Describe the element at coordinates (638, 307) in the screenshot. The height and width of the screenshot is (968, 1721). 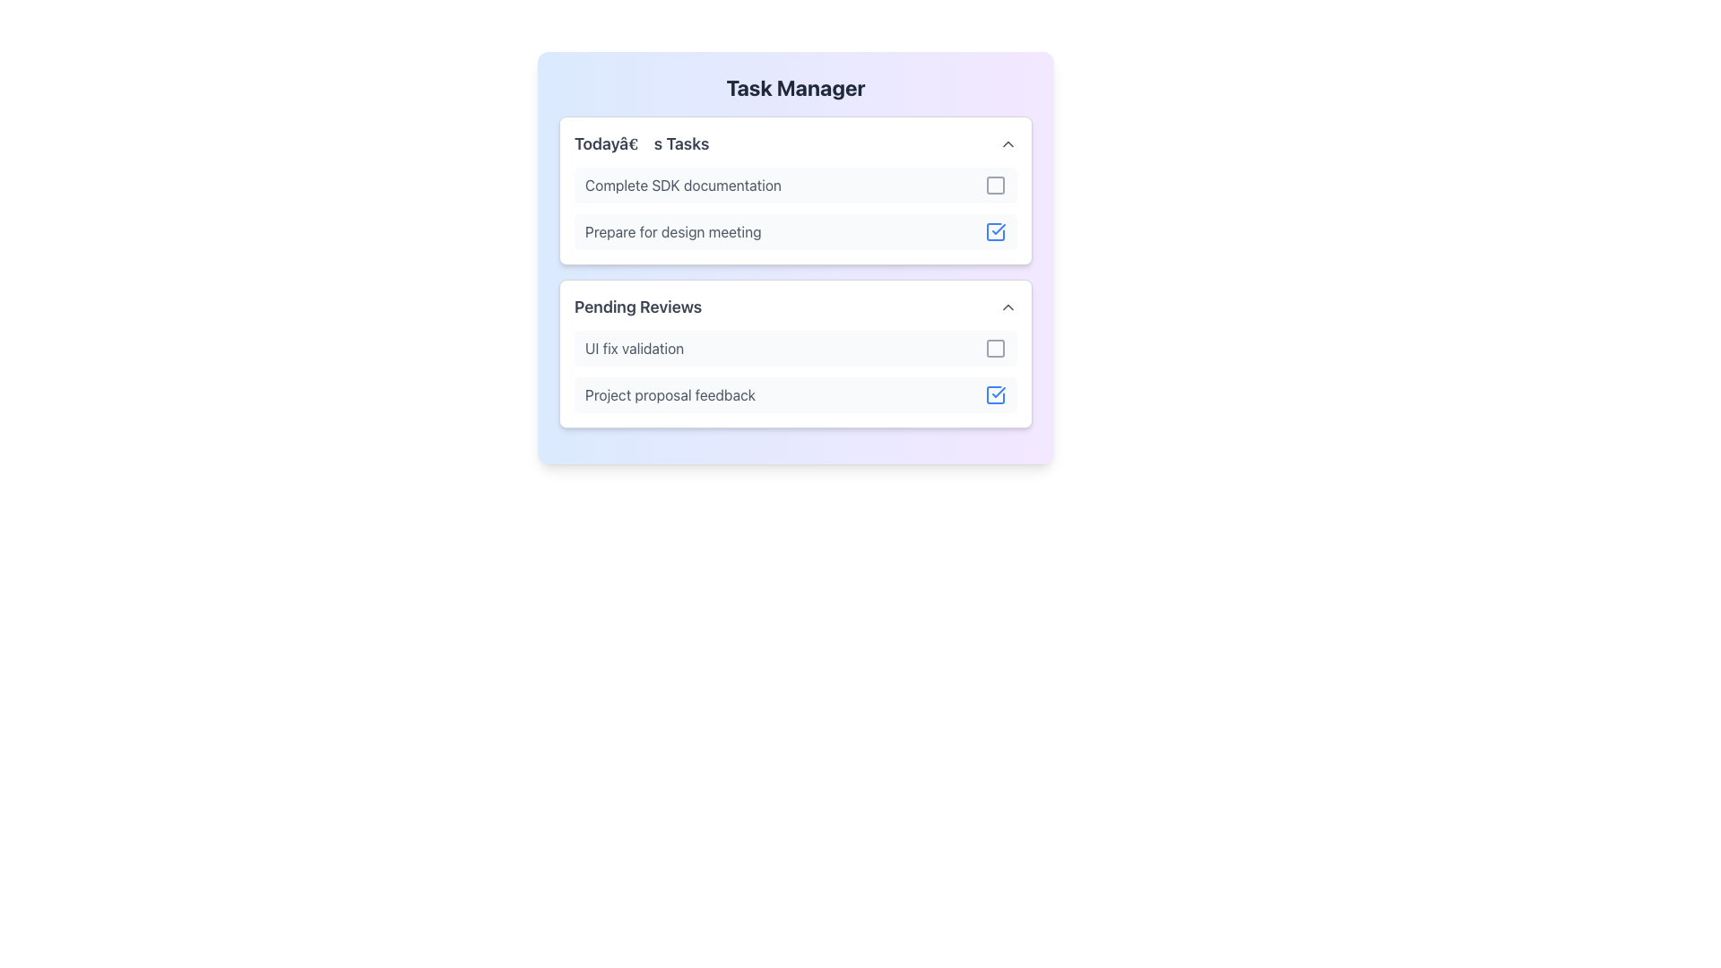
I see `the text label 'Pending Reviews' styled in bold, large dark gray font located at the top-left of the second section in the task manager interface` at that location.